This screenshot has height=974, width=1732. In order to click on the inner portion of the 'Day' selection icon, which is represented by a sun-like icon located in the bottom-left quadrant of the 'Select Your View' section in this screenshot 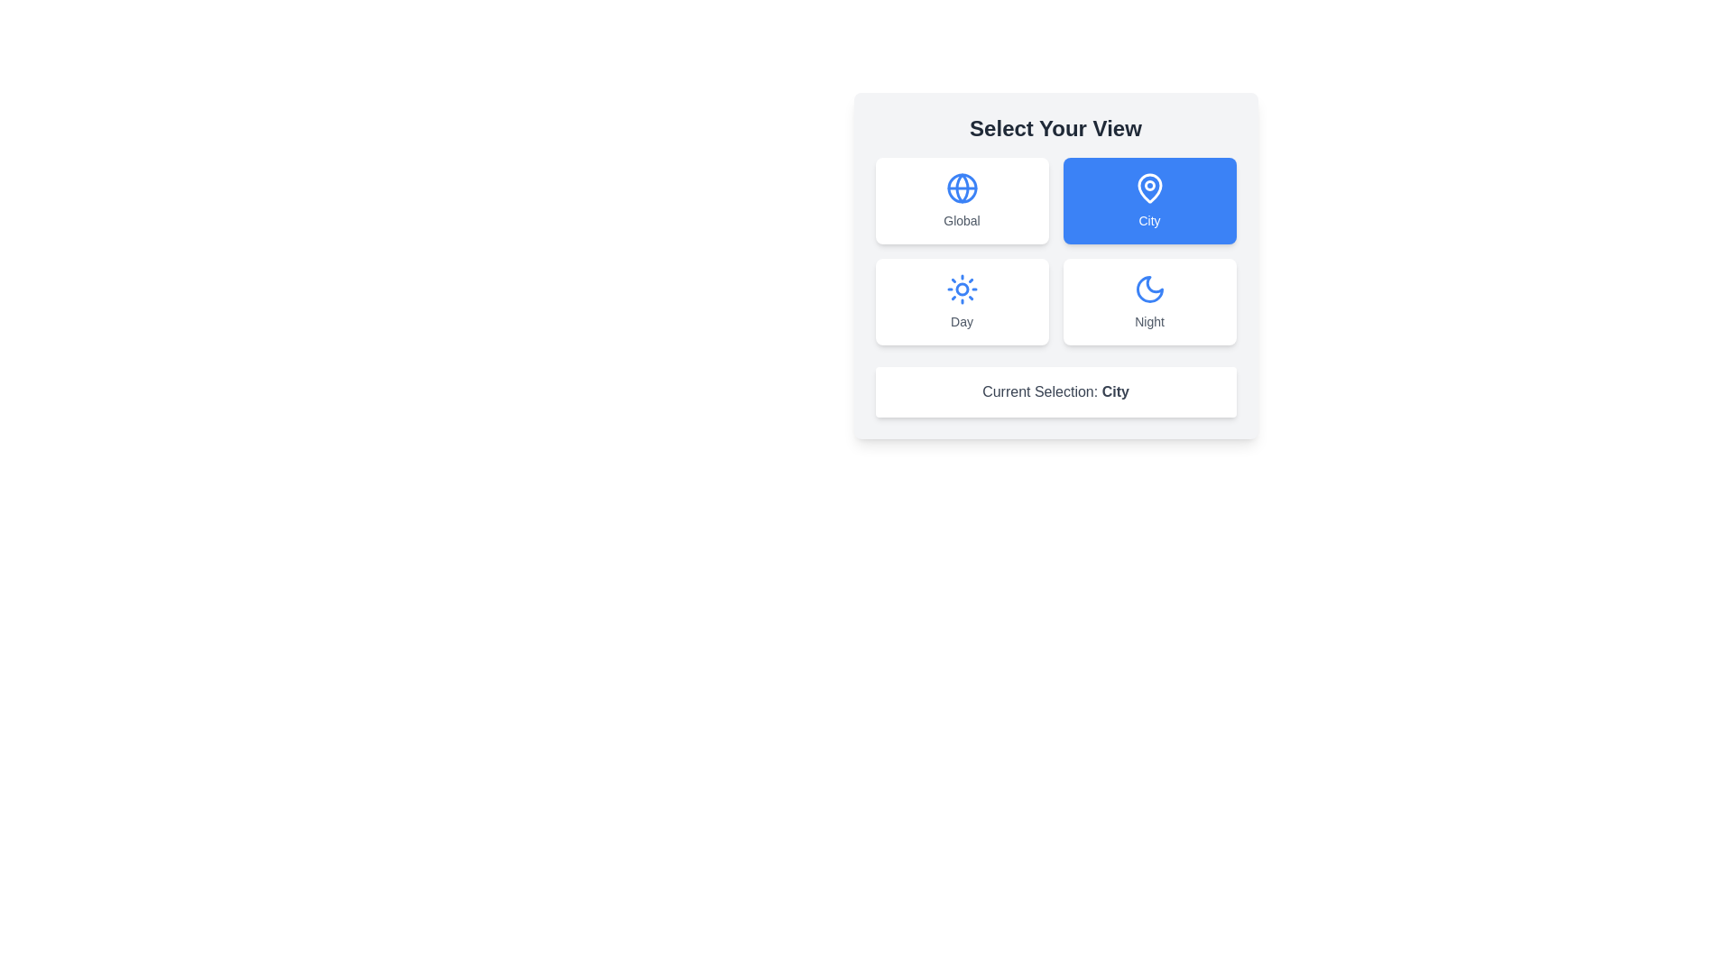, I will do `click(961, 288)`.